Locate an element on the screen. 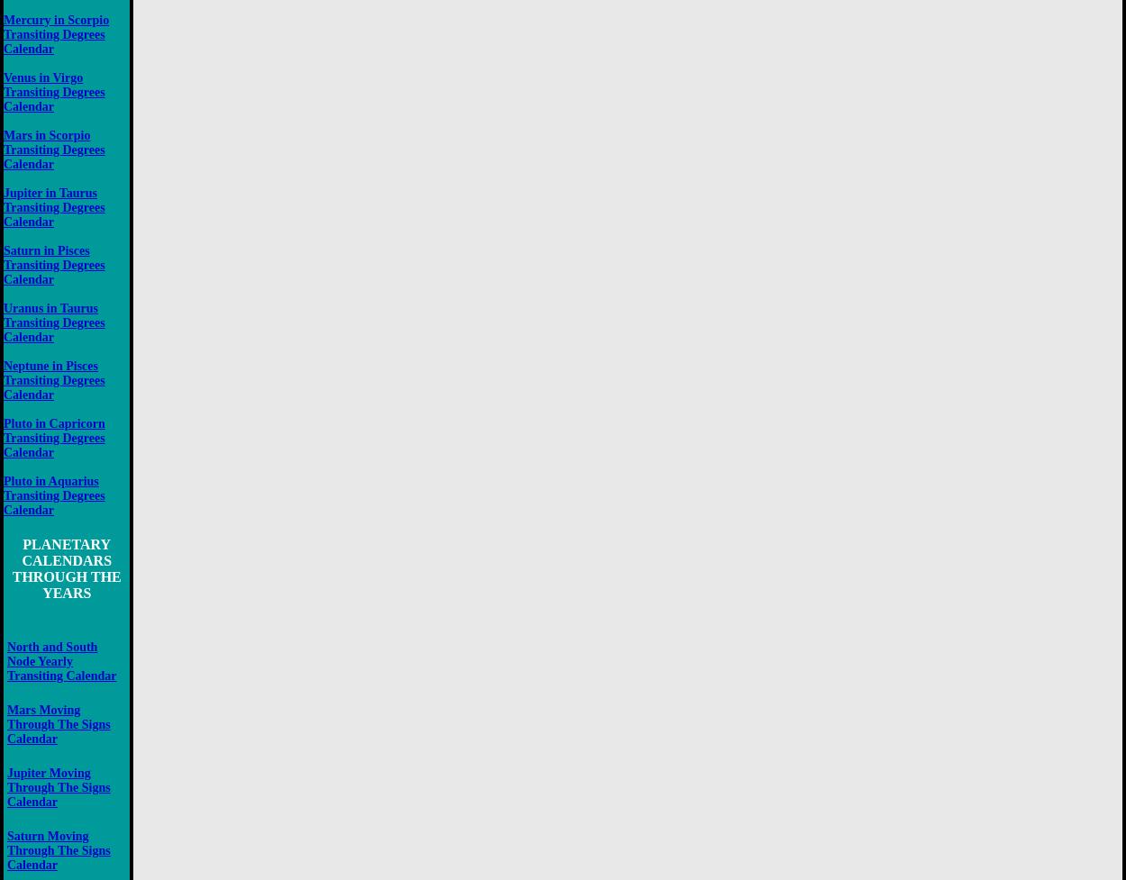 This screenshot has width=1126, height=880. 'Mars in Scorpio Transiting Degrees Calendar' is located at coordinates (54, 148).